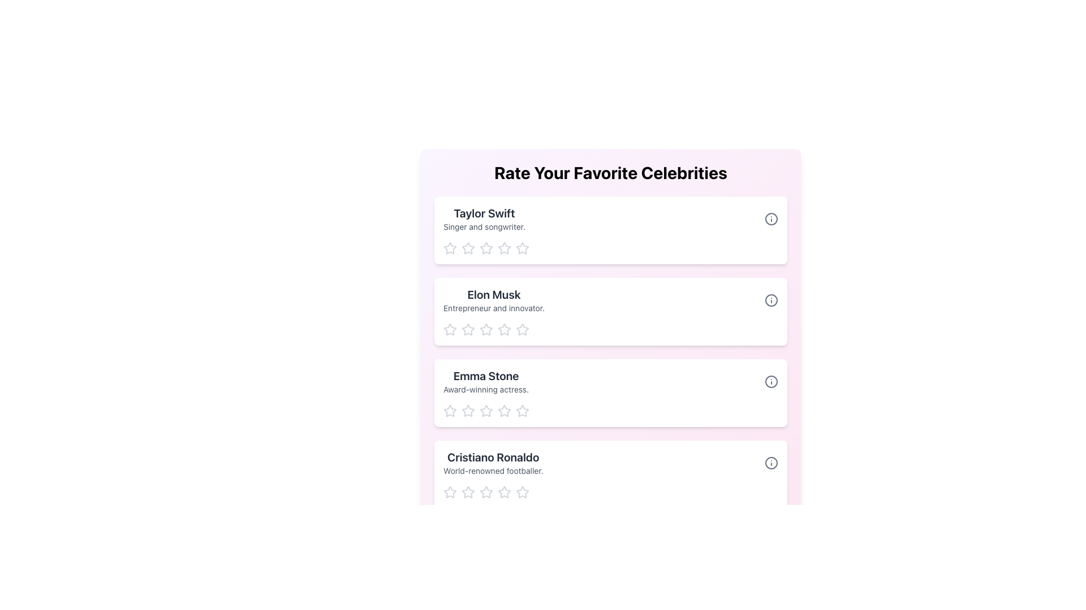 The image size is (1086, 610). I want to click on the static text label that reads 'Entrepreneur and innovator.' which is styled in gray and positioned below 'Elon Musk', so click(494, 308).